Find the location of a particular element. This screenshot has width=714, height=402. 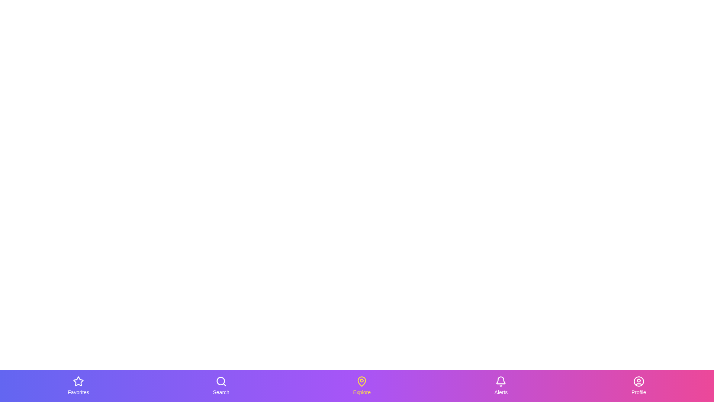

the tab labeled Explore to observe the hover effect is located at coordinates (362, 386).